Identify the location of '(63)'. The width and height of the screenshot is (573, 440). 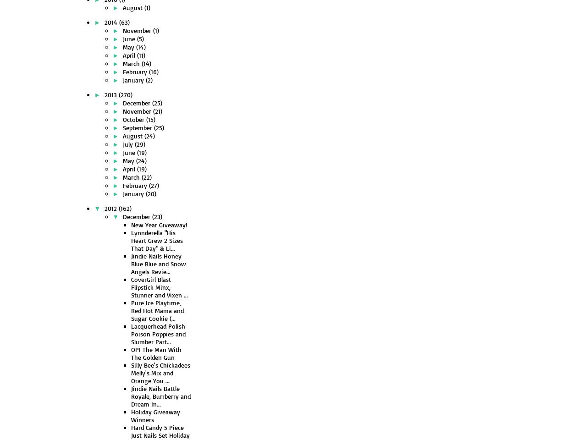
(124, 22).